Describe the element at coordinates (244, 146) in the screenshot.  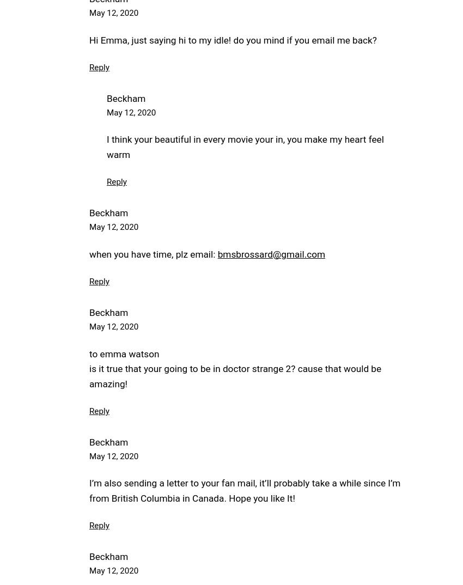
I see `'I think your beautiful in every movie your in, you make my heart feel warm'` at that location.